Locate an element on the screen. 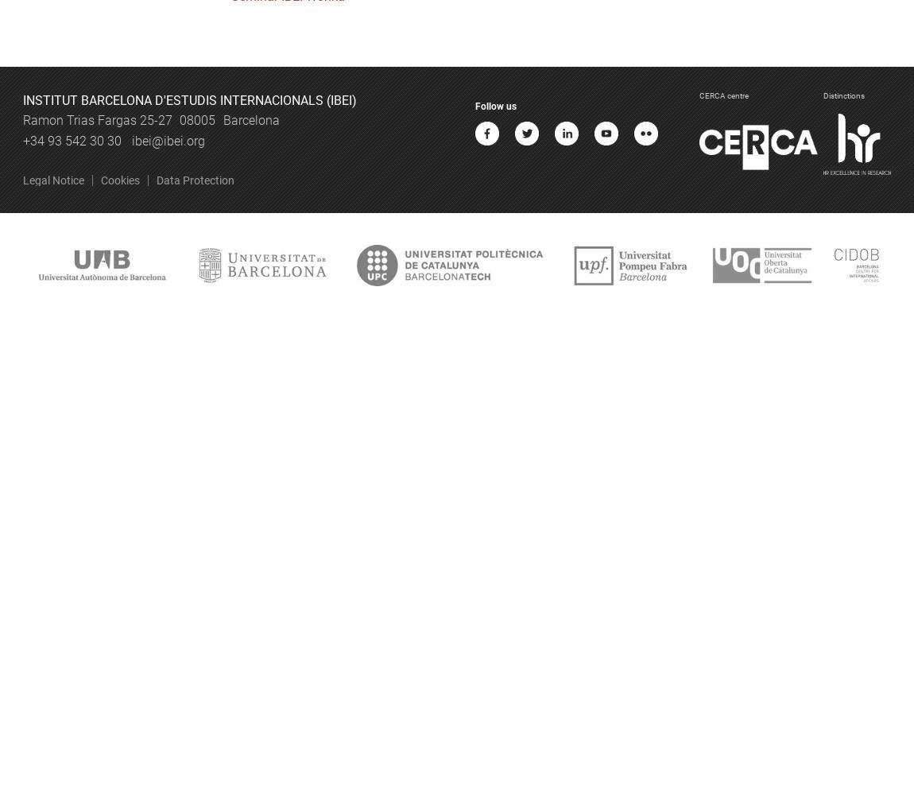 The image size is (914, 795). 'Barcelona' is located at coordinates (250, 120).